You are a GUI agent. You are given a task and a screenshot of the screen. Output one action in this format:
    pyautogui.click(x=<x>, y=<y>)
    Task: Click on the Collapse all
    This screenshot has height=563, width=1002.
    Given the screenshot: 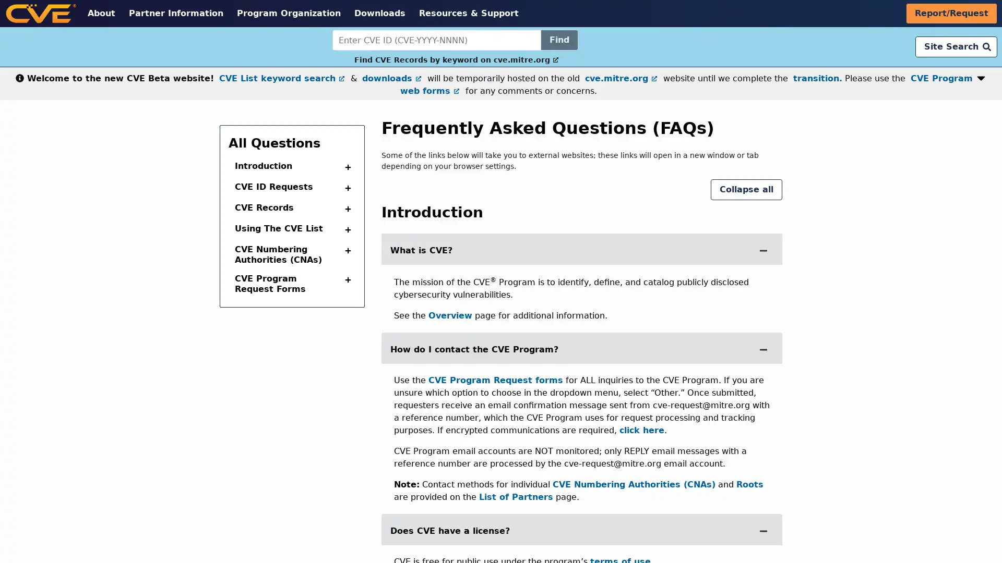 What is the action you would take?
    pyautogui.click(x=746, y=189)
    